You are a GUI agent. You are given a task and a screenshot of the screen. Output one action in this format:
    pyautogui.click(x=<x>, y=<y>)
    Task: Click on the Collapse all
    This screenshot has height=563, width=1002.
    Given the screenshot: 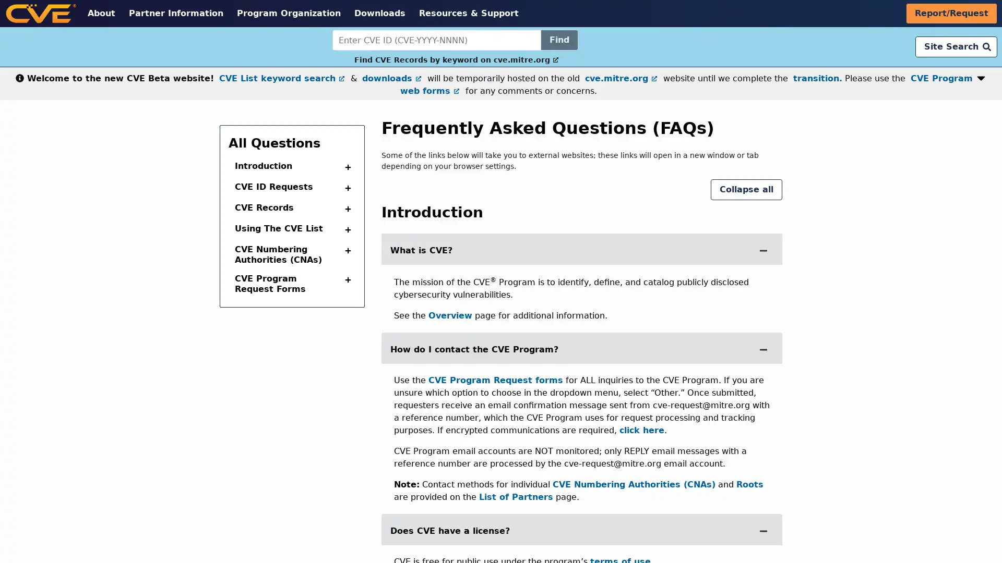 What is the action you would take?
    pyautogui.click(x=746, y=189)
    